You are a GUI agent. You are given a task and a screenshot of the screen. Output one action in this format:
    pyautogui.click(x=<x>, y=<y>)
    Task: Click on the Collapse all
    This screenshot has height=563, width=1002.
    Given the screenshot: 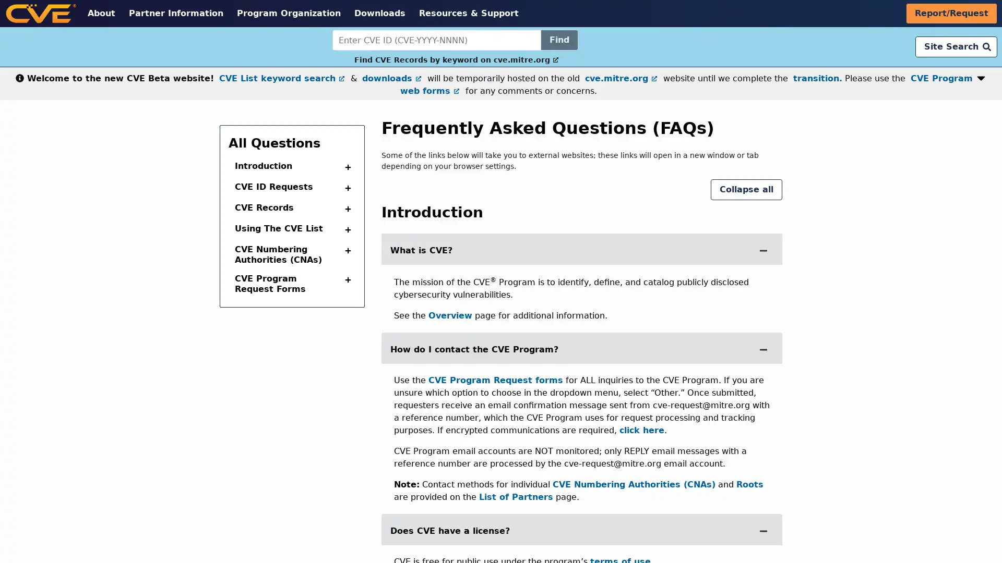 What is the action you would take?
    pyautogui.click(x=746, y=189)
    